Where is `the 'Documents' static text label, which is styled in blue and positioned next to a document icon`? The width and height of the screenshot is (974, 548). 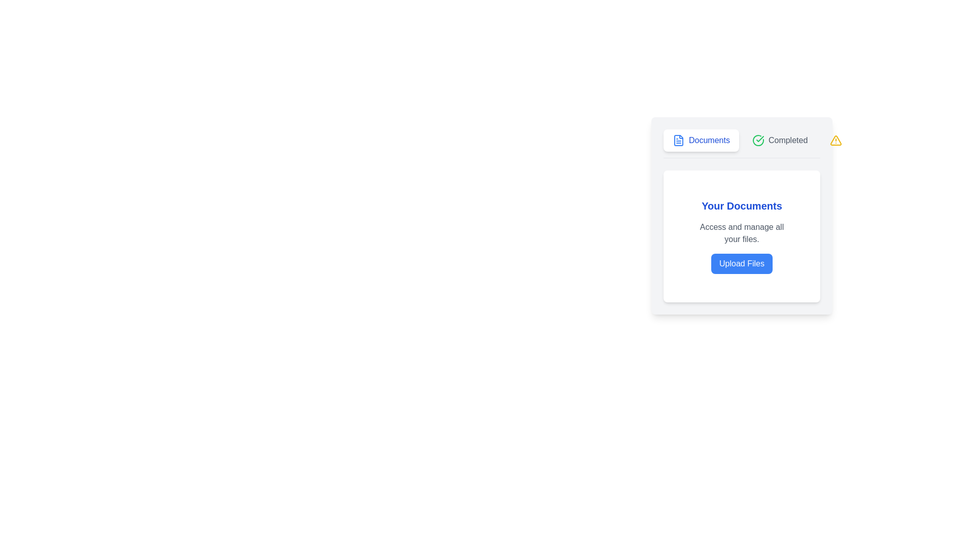
the 'Documents' static text label, which is styled in blue and positioned next to a document icon is located at coordinates (709, 141).